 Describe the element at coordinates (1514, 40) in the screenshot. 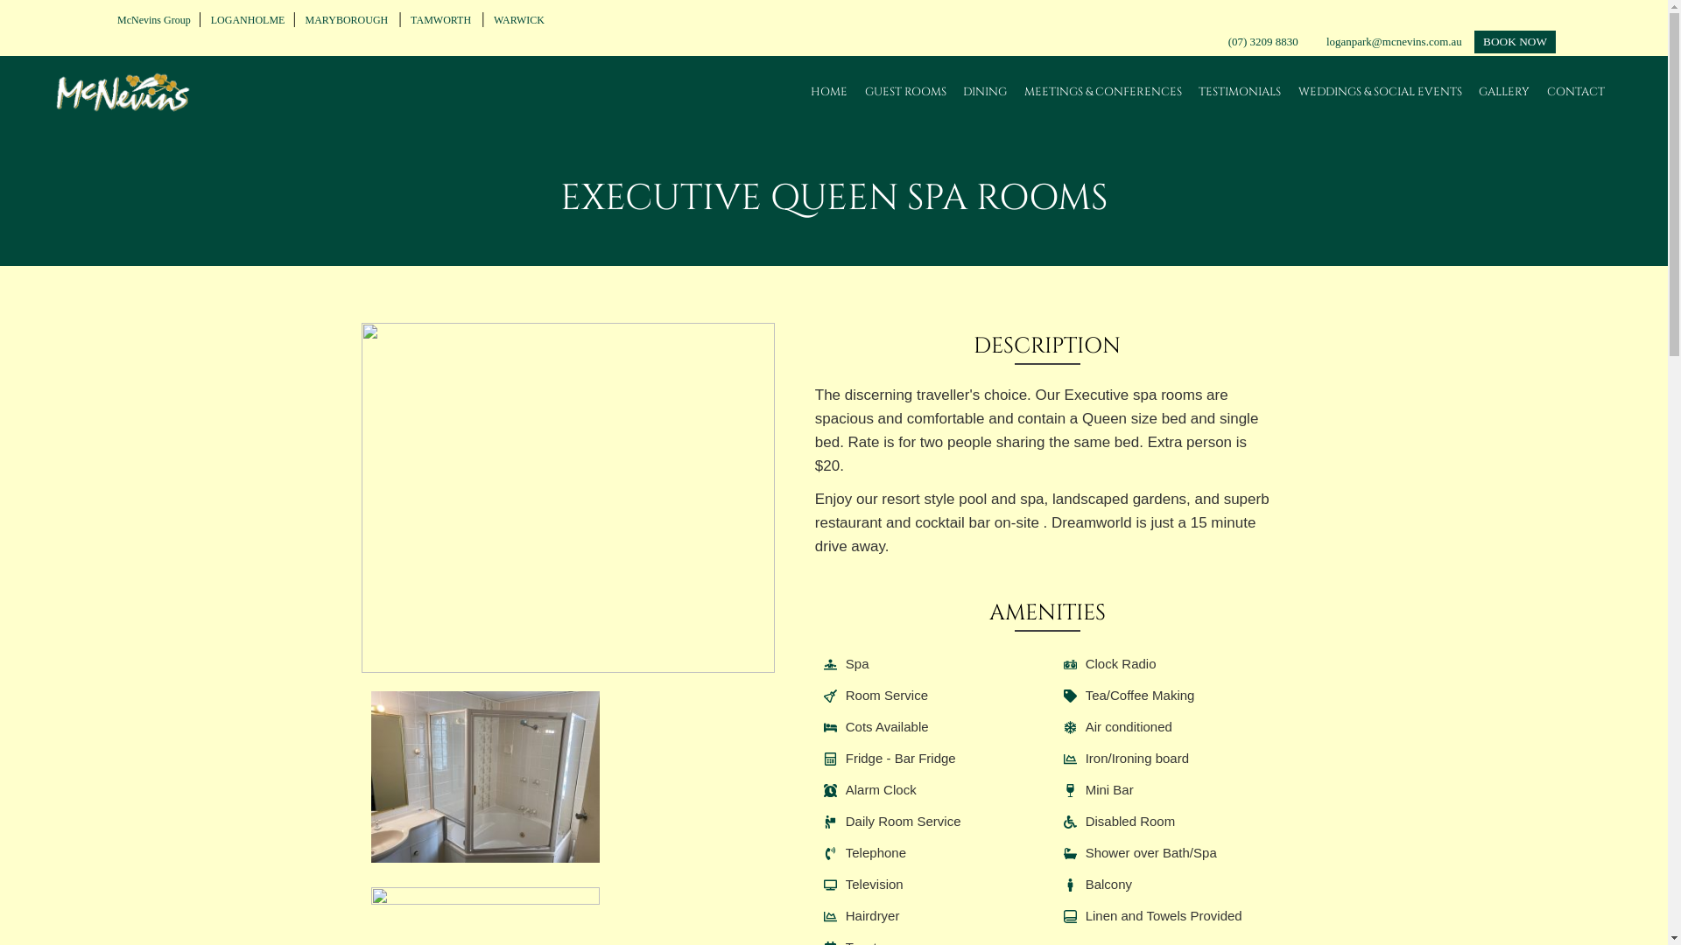

I see `'BOOK NOW'` at that location.